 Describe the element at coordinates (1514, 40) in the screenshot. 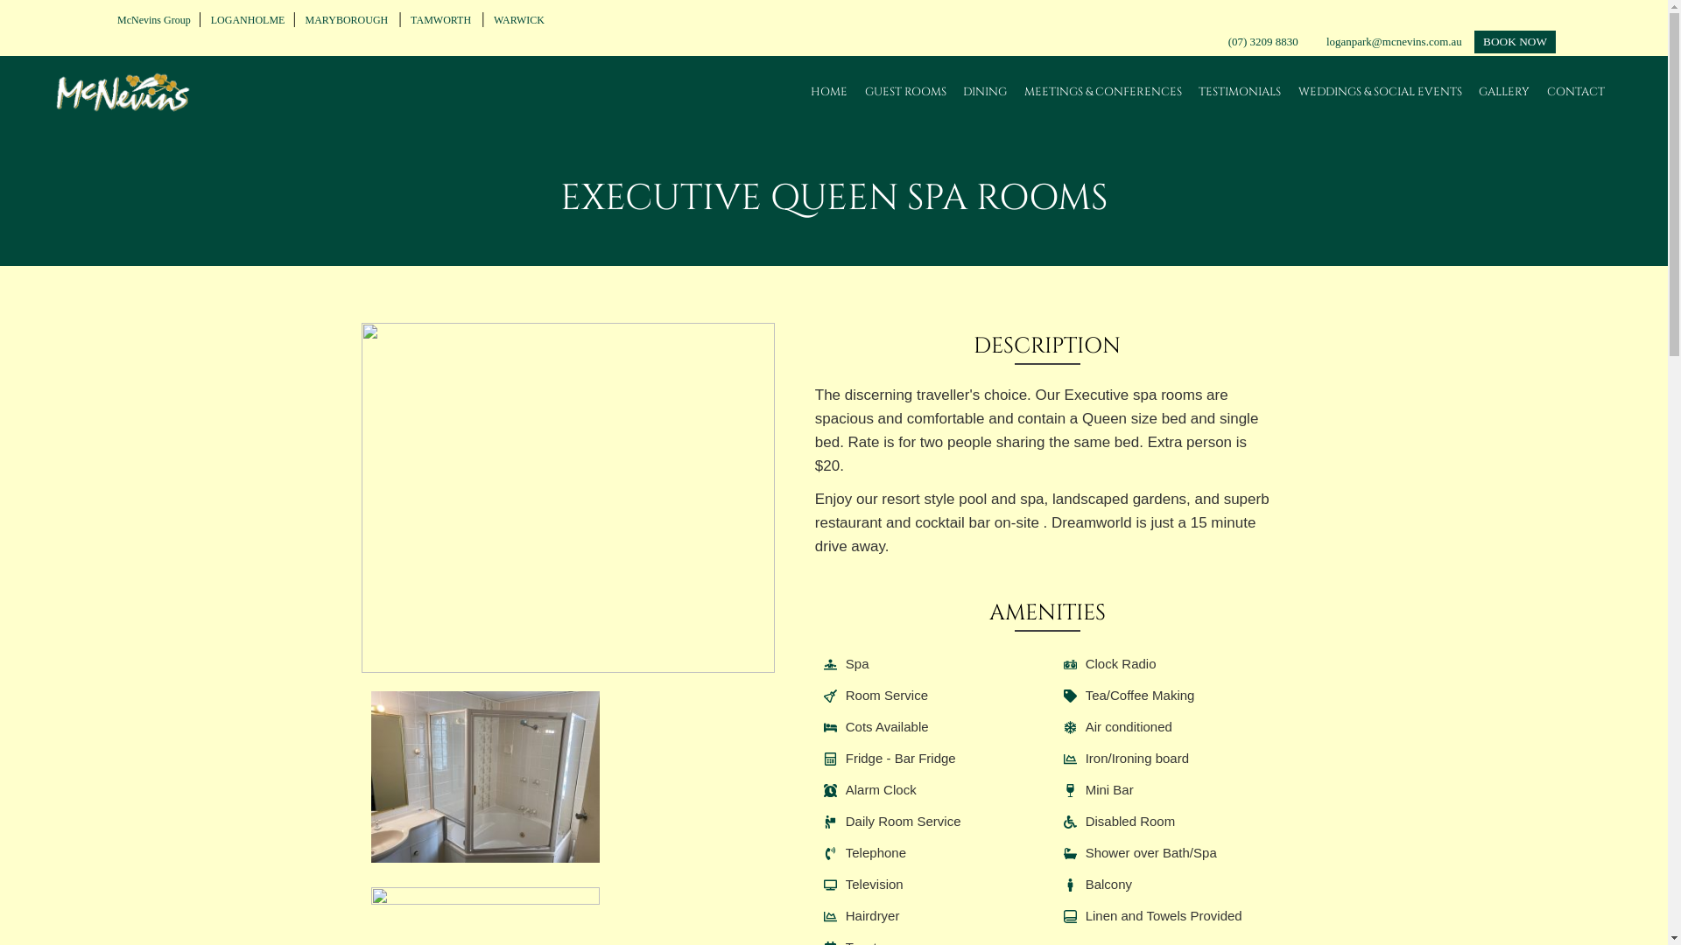

I see `'BOOK NOW'` at that location.